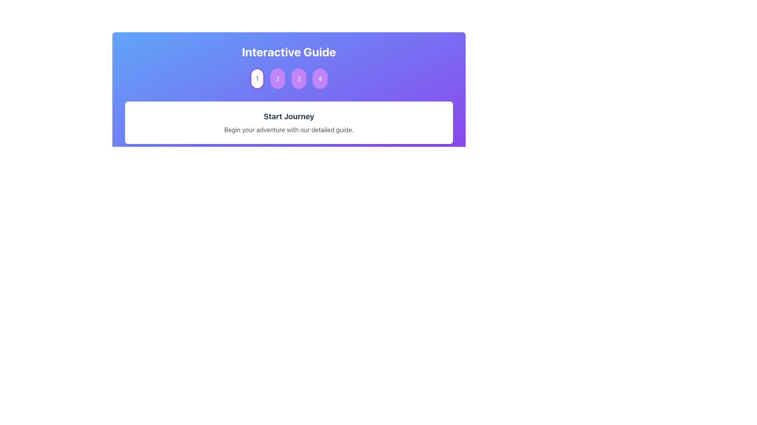 The height and width of the screenshot is (425, 757). Describe the element at coordinates (298, 79) in the screenshot. I see `the third circular button labeled '3' in the navigation mechanism` at that location.